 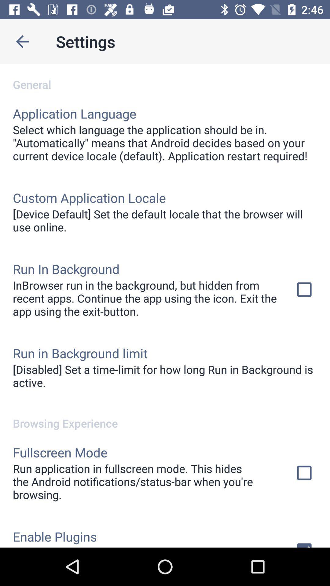 What do you see at coordinates (165, 416) in the screenshot?
I see `the icon above fullscreen mode` at bounding box center [165, 416].